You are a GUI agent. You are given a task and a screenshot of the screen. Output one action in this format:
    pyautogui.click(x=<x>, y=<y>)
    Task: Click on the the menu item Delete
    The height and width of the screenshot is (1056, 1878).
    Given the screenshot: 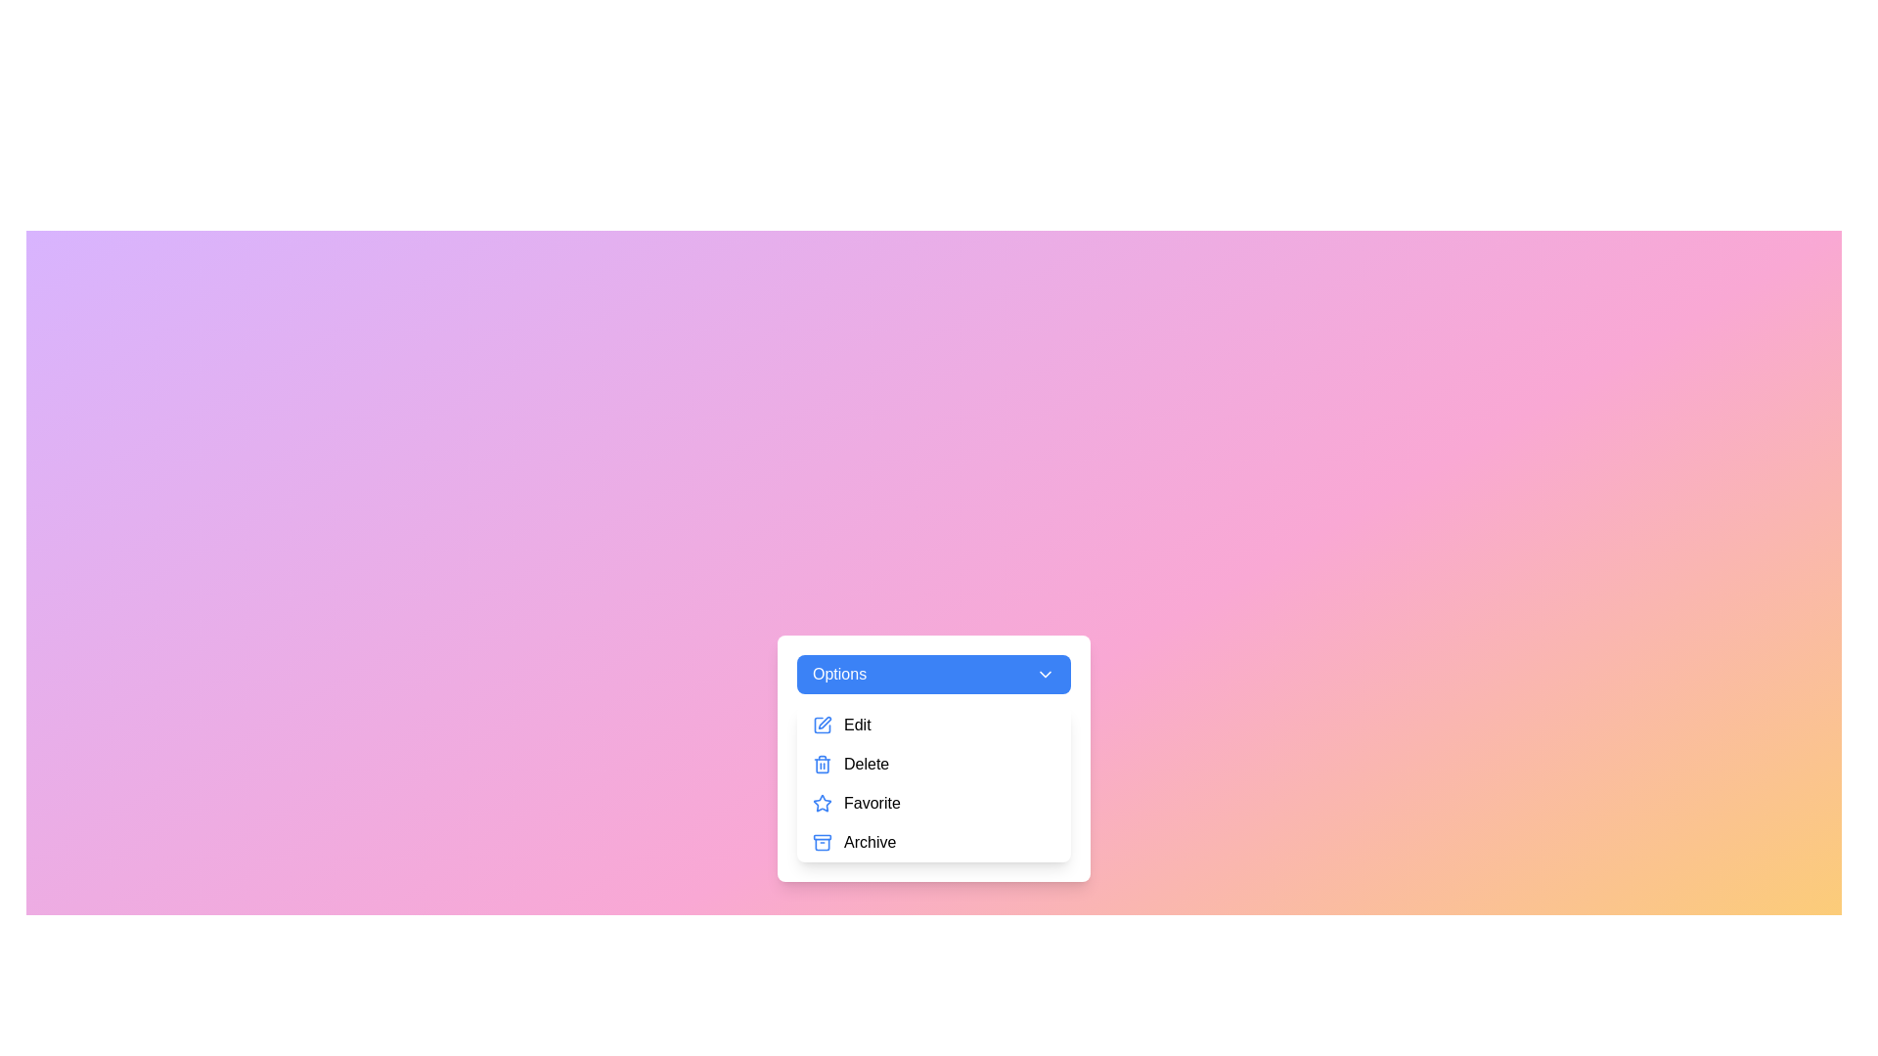 What is the action you would take?
    pyautogui.click(x=933, y=764)
    